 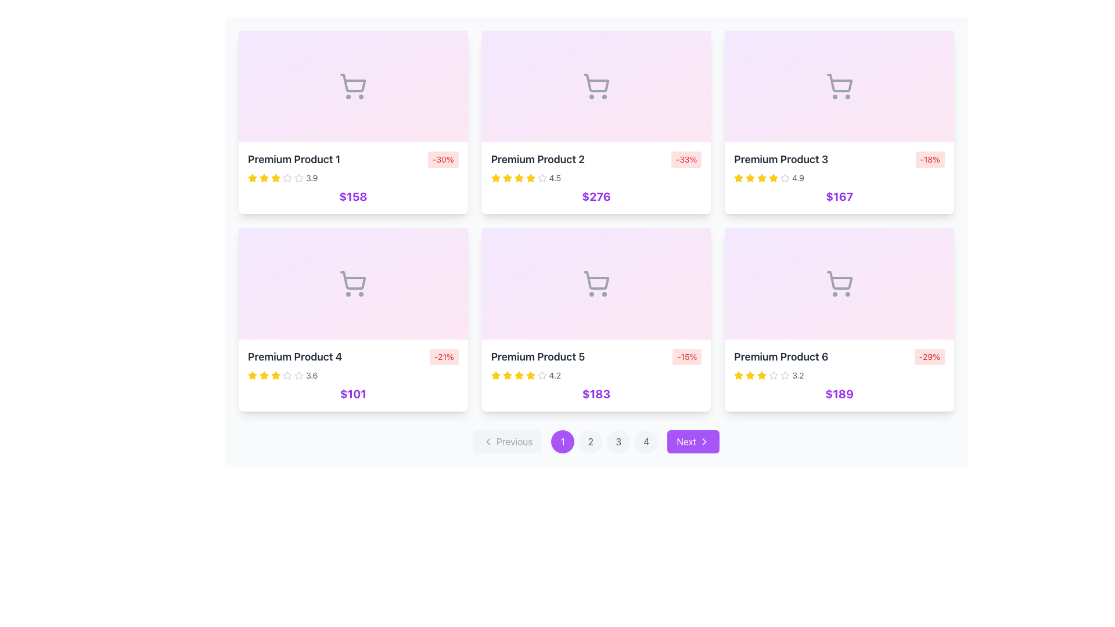 What do you see at coordinates (353, 86) in the screenshot?
I see `the shopping cart icon located above the title and price of 'Premium Product 1' in the top-left corner of the six-card grid` at bounding box center [353, 86].